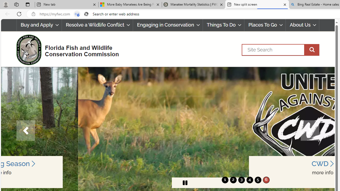 Image resolution: width=340 pixels, height=191 pixels. I want to click on 'Things To Do', so click(224, 25).